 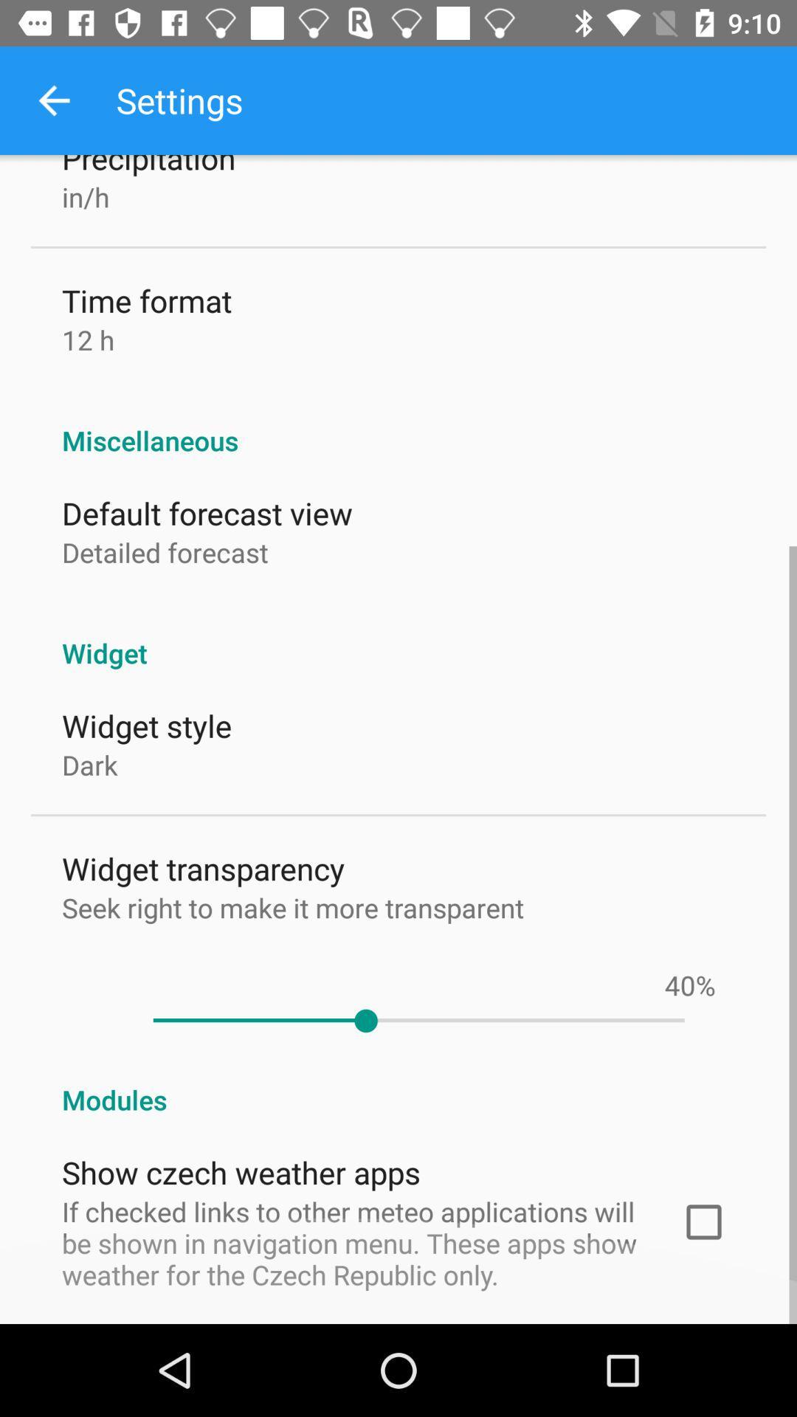 What do you see at coordinates (680, 985) in the screenshot?
I see `the 40 item` at bounding box center [680, 985].